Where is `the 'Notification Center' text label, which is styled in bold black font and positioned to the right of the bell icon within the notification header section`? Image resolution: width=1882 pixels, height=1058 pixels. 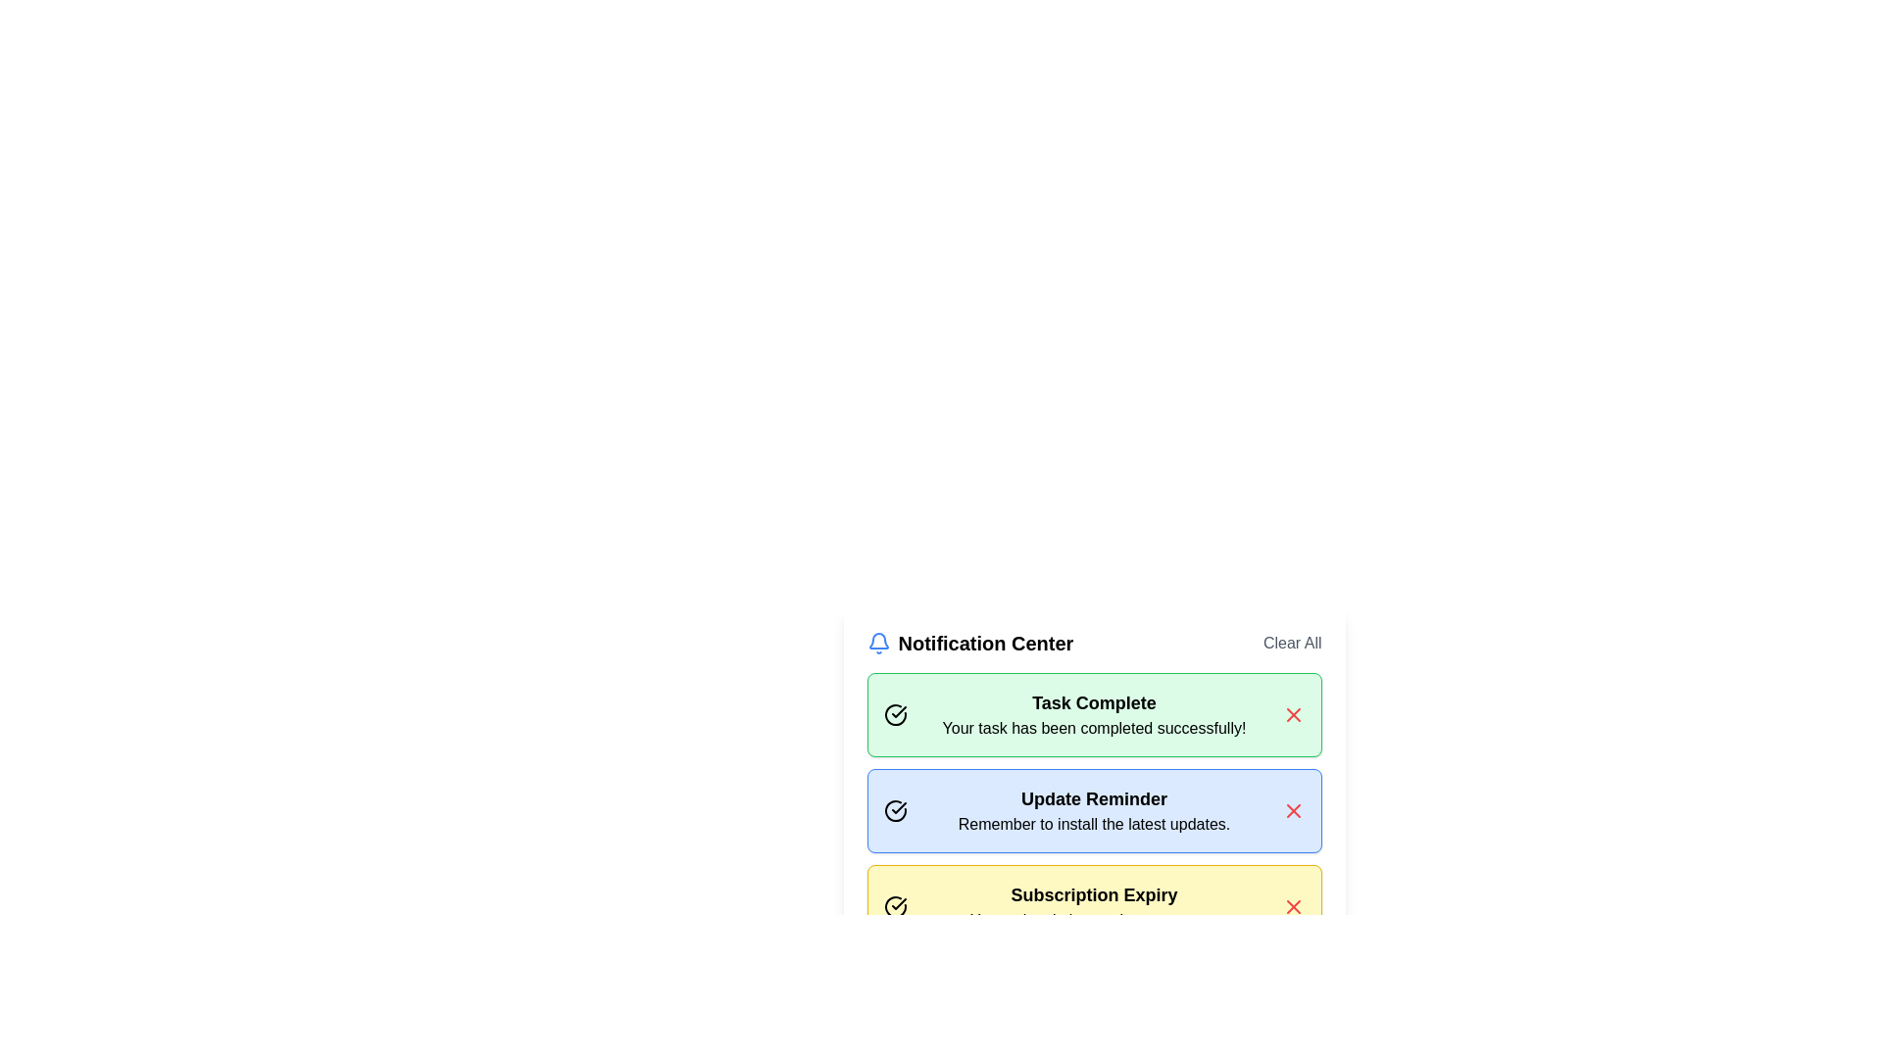 the 'Notification Center' text label, which is styled in bold black font and positioned to the right of the bell icon within the notification header section is located at coordinates (985, 643).